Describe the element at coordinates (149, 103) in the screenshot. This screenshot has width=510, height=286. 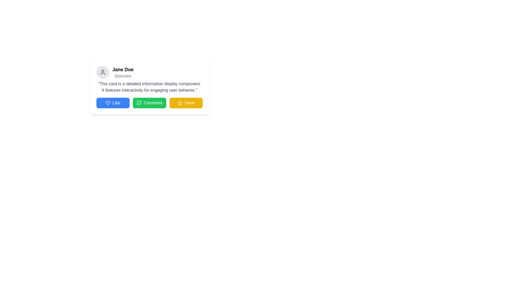
I see `the green 'Comment' button with a white comment bubble icon, located between the blue 'Like' button and the yellow 'Save' button` at that location.